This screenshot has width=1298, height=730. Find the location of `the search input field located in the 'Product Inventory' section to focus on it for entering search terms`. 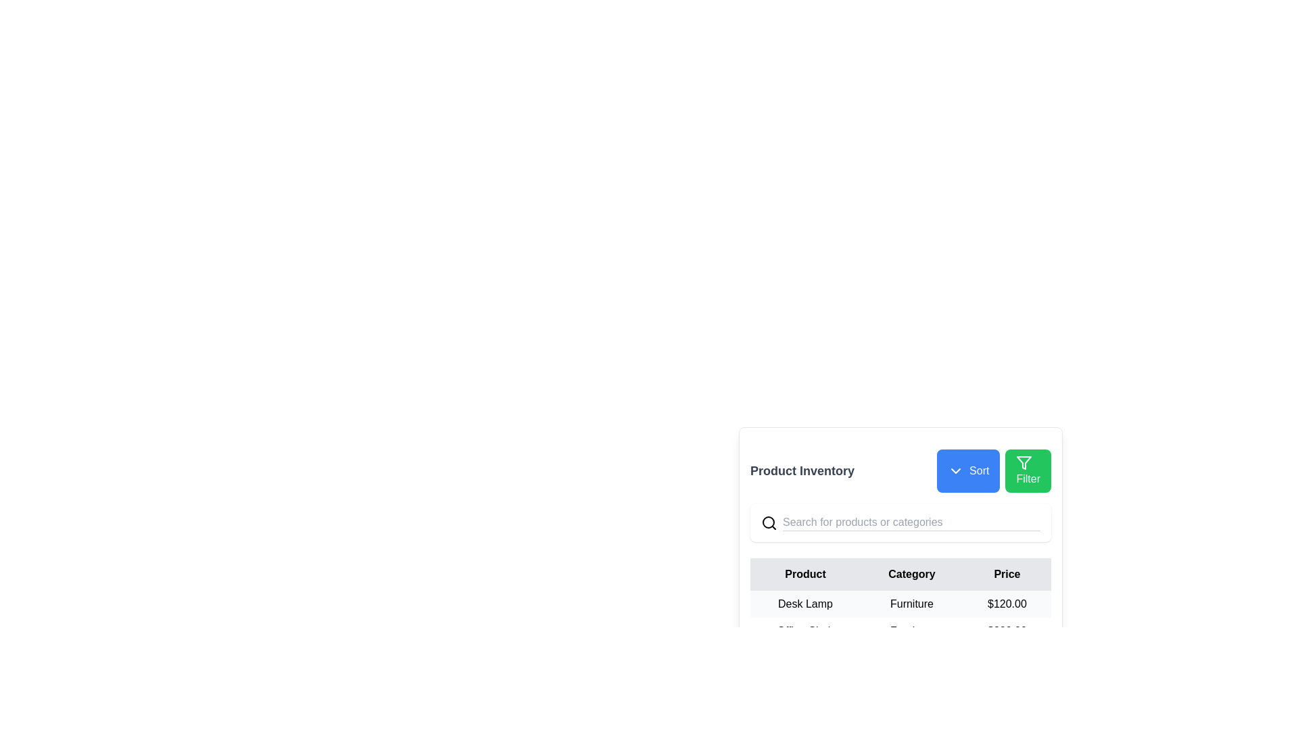

the search input field located in the 'Product Inventory' section to focus on it for entering search terms is located at coordinates (900, 522).